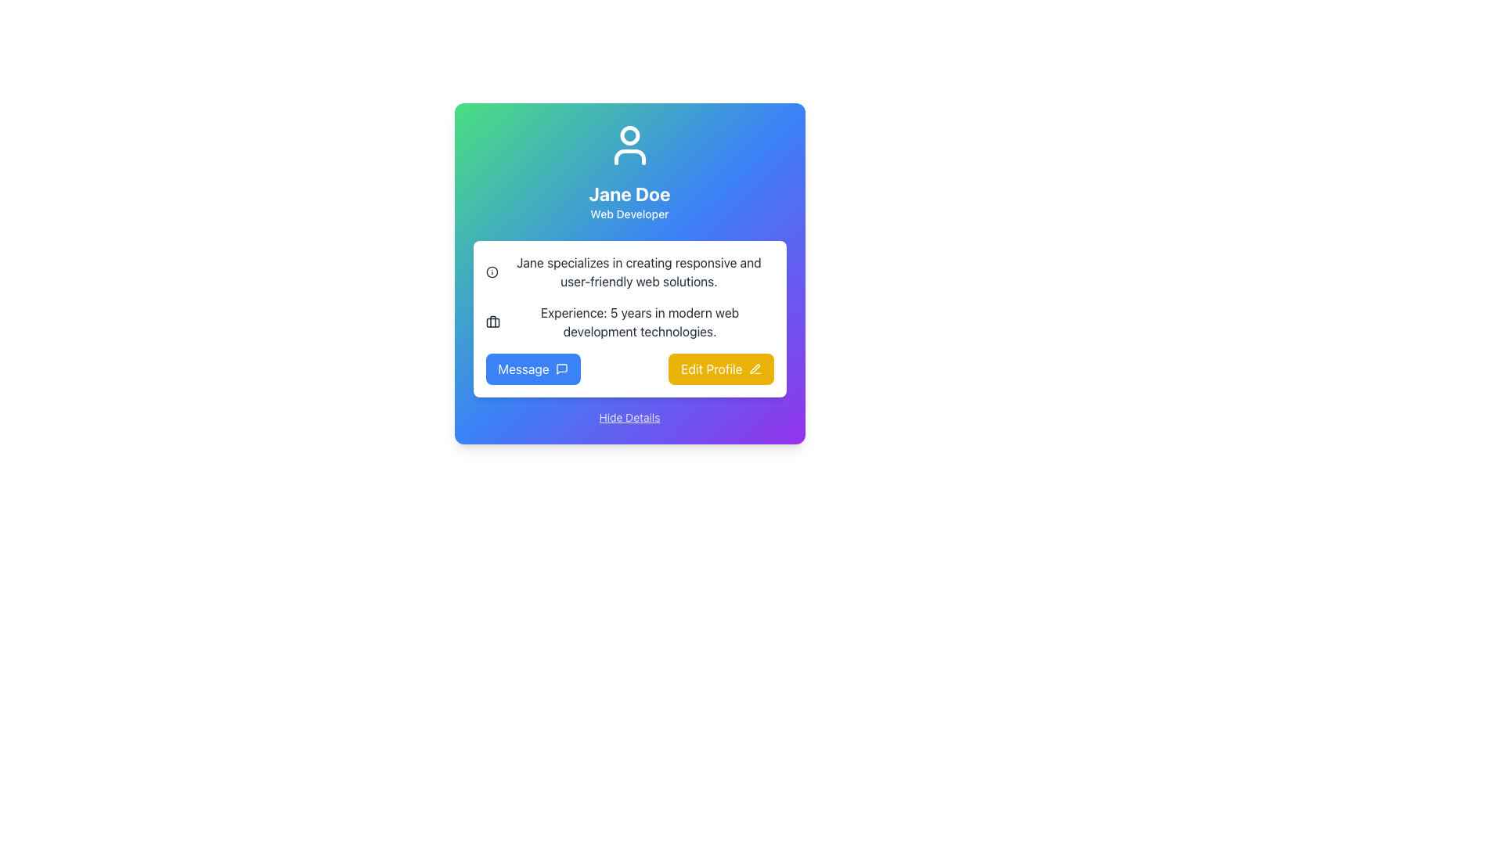  I want to click on the pen icon located to the right of the 'Edit Profile' label within the yellow button, so click(755, 369).